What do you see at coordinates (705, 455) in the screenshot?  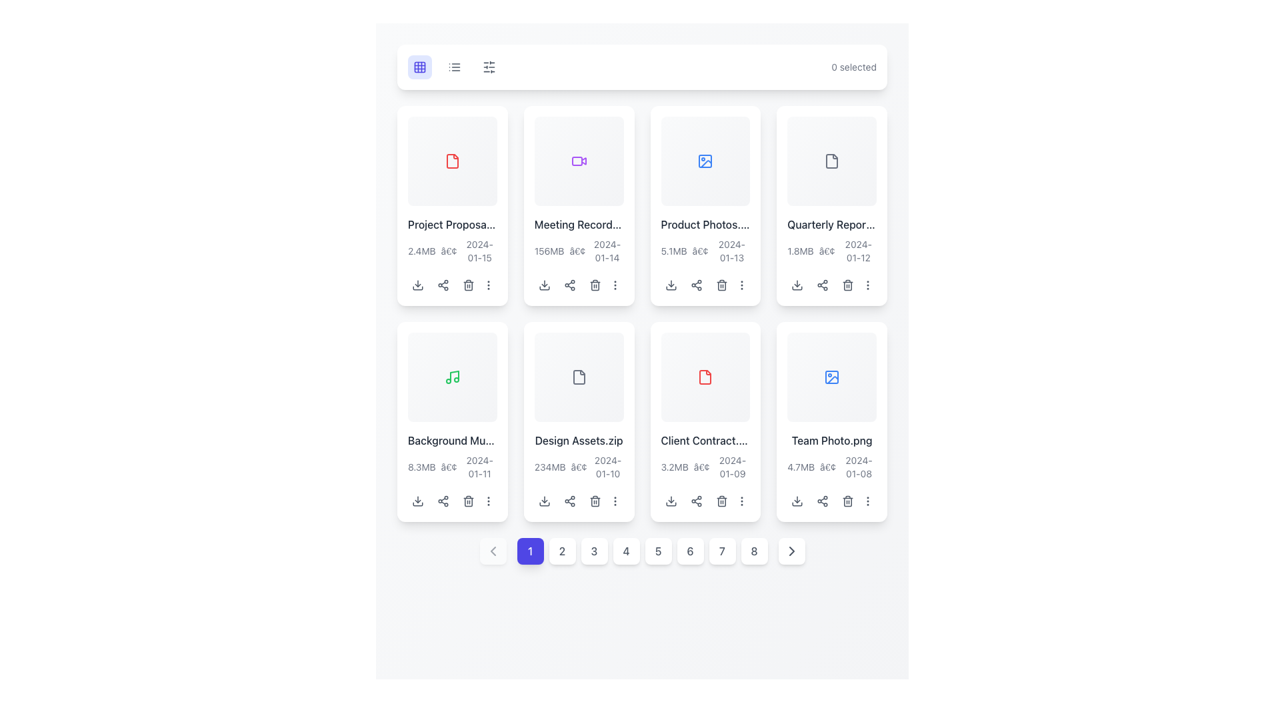 I see `the text display that shows file details, located in the sixth card of the second row, which includes a red document icon above the text` at bounding box center [705, 455].